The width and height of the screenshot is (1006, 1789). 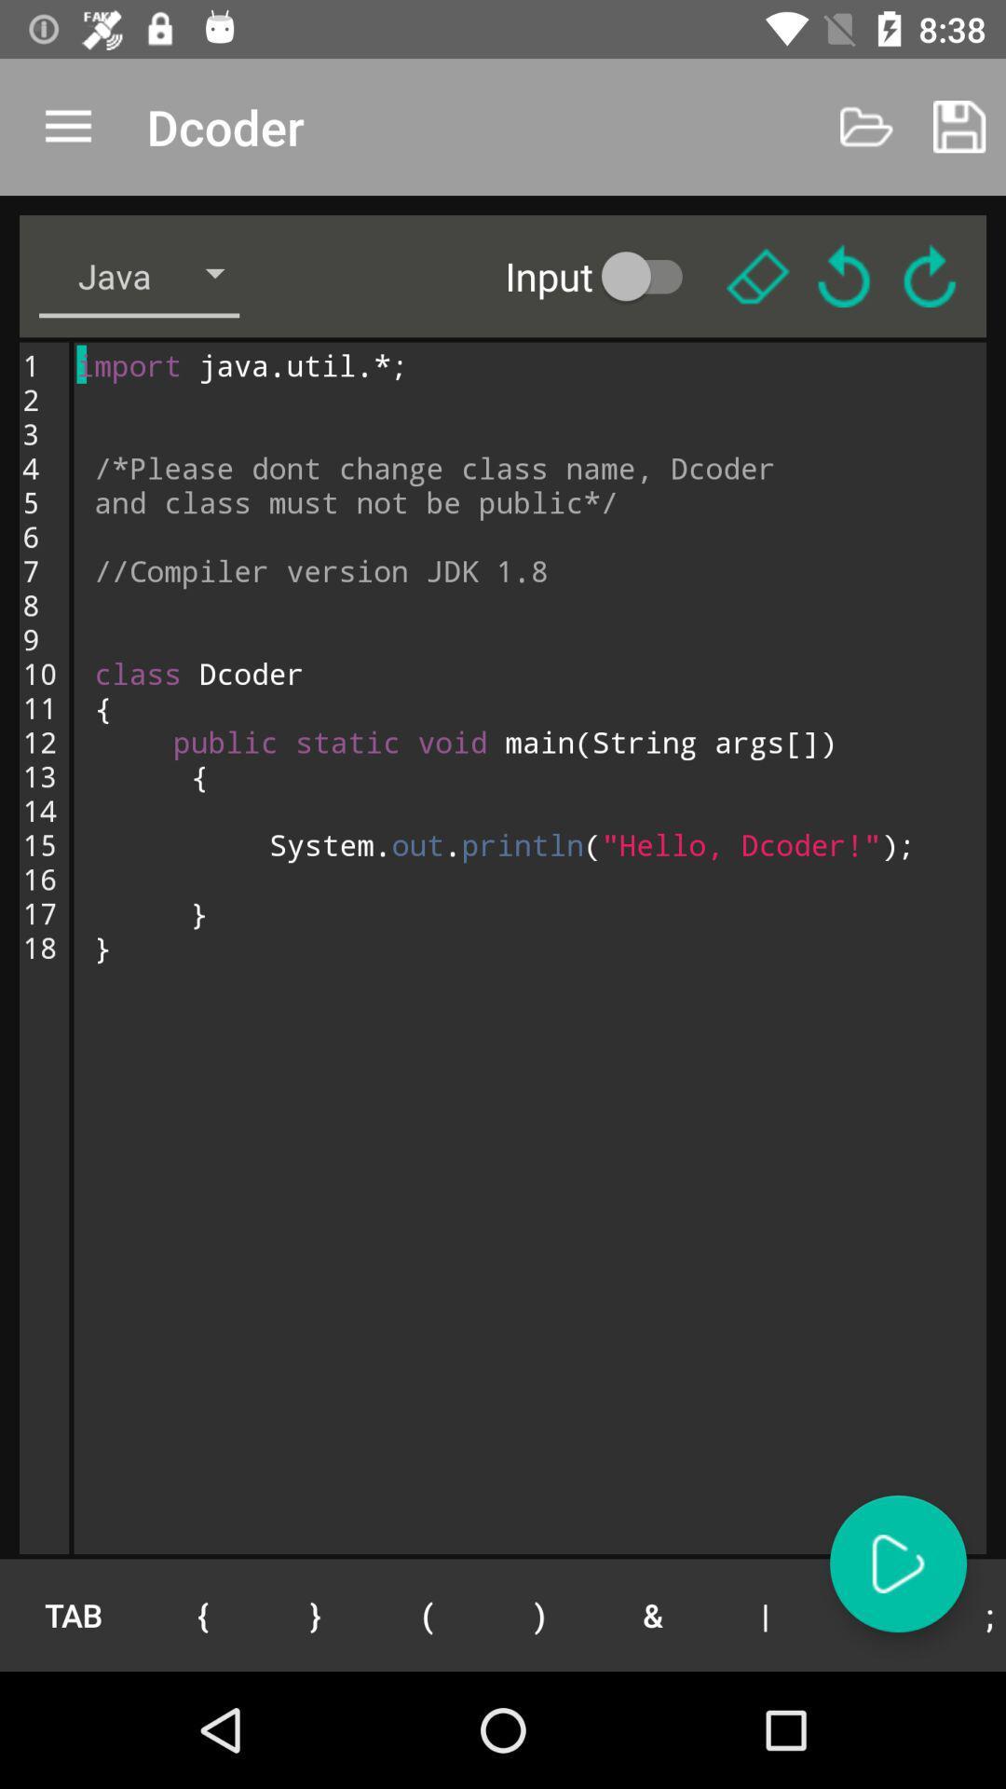 I want to click on the refresh icon, so click(x=930, y=275).